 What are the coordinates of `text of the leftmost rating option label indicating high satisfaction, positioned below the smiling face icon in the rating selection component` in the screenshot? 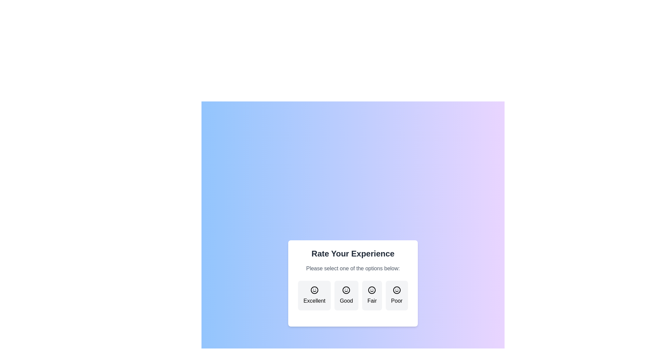 It's located at (314, 301).